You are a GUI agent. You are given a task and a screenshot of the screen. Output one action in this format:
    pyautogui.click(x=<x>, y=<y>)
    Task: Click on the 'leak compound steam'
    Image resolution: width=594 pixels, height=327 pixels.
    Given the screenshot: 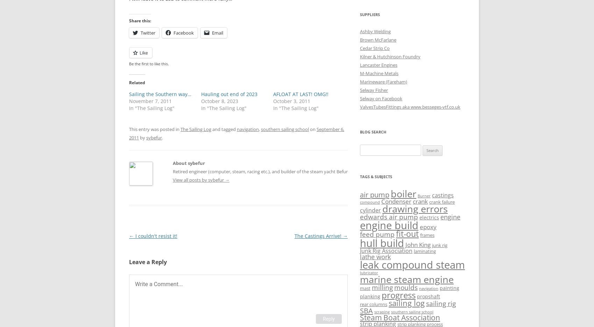 What is the action you would take?
    pyautogui.click(x=412, y=264)
    